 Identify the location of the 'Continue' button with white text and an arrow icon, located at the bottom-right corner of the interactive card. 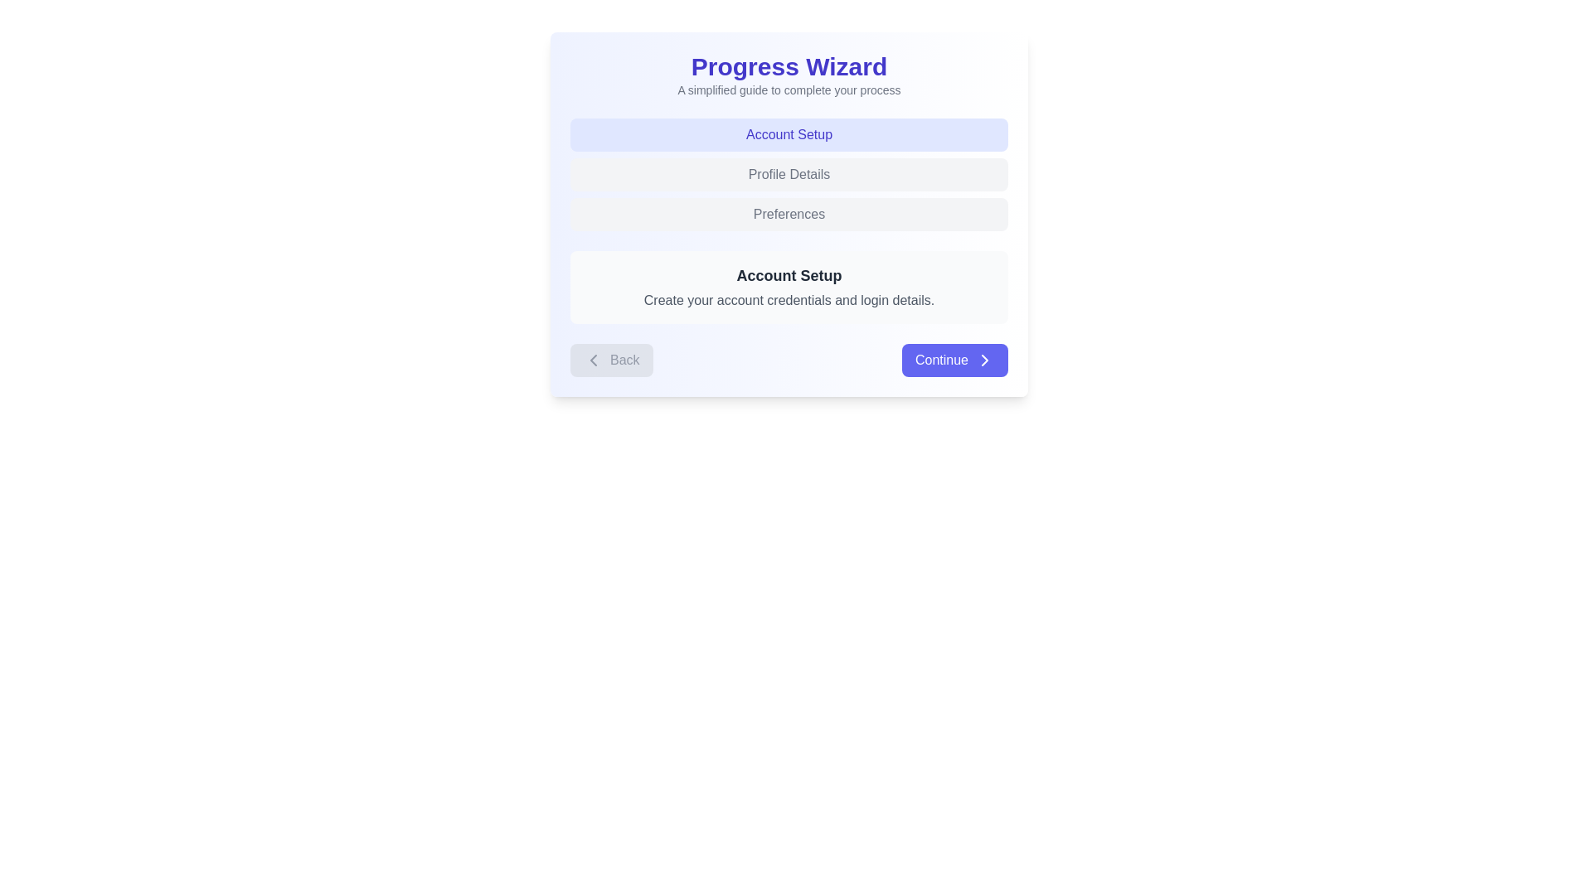
(955, 360).